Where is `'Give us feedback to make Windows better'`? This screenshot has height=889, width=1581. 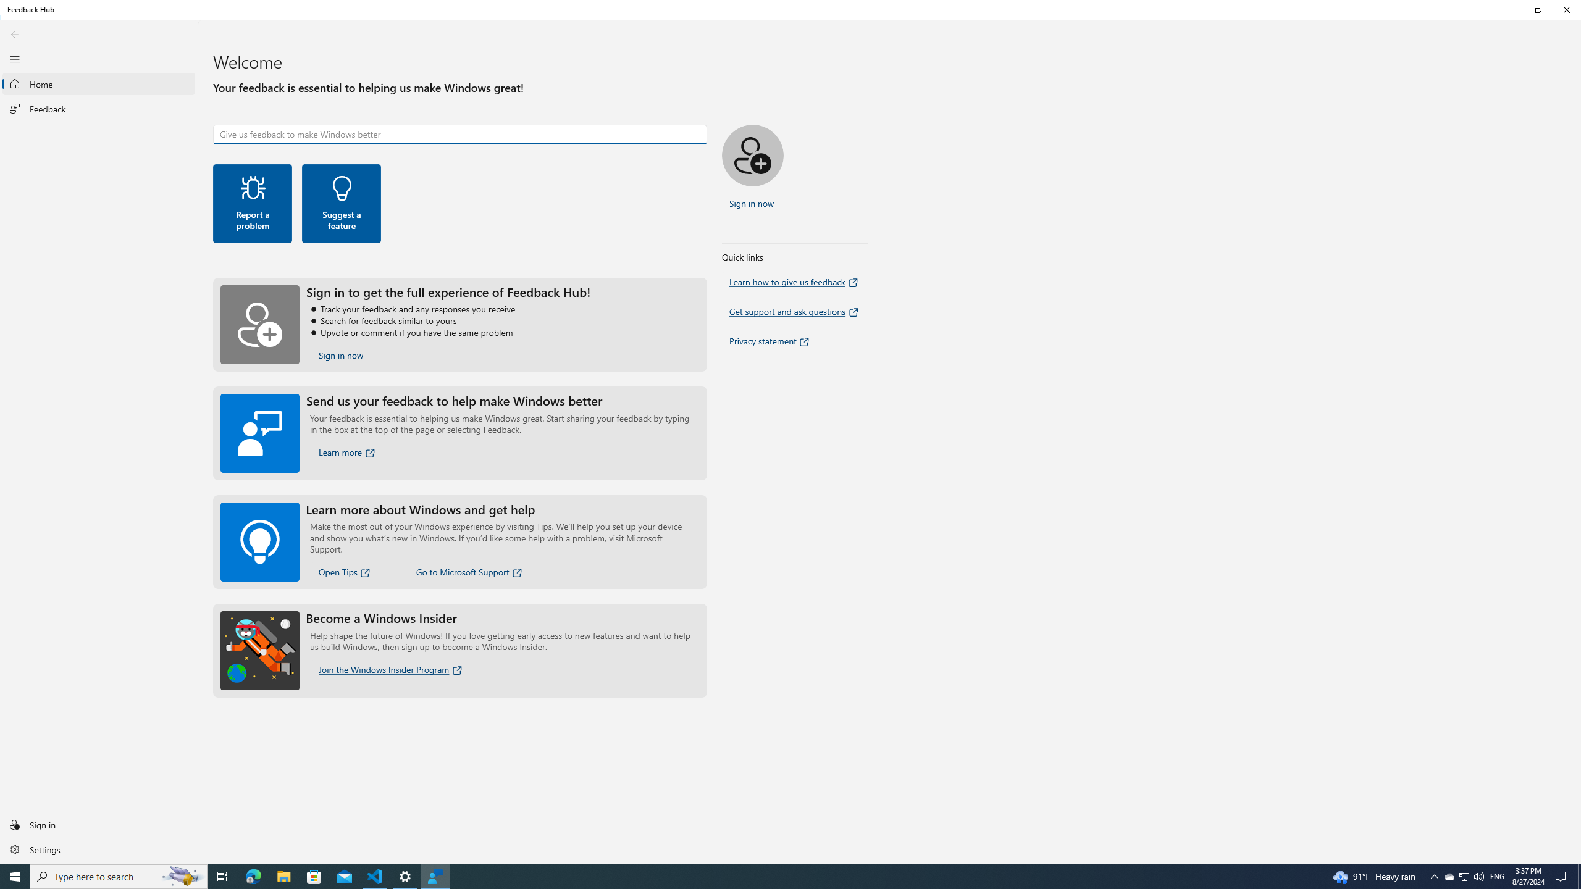
'Give us feedback to make Windows better' is located at coordinates (459, 134).